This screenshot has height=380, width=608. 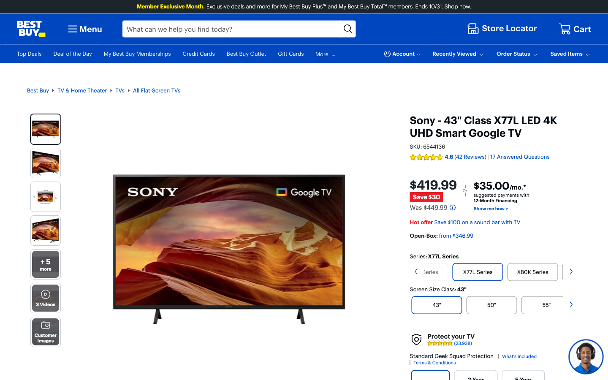 I want to click on more images of the Sony TV, so click(x=46, y=264).